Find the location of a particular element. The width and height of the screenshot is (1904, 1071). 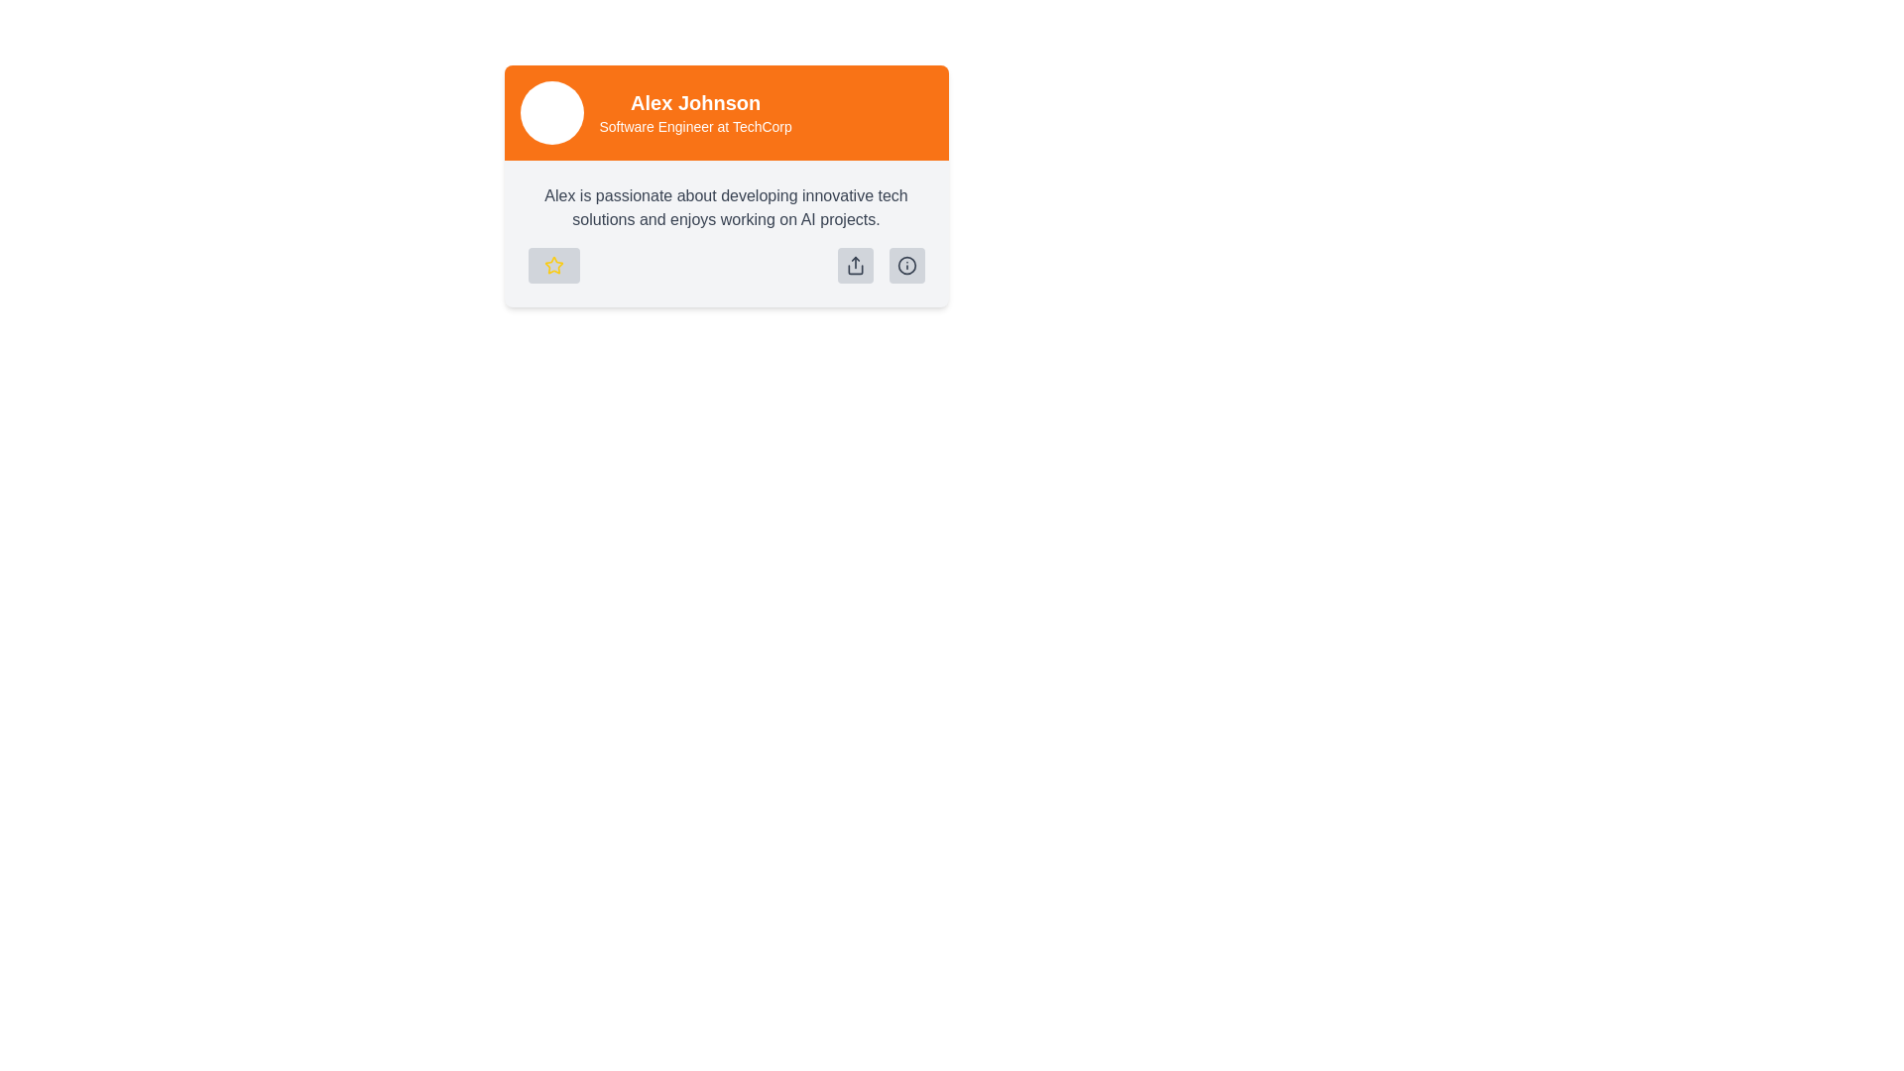

the decorative or functional icon located towards the left of the user description section within the card interface is located at coordinates (553, 264).